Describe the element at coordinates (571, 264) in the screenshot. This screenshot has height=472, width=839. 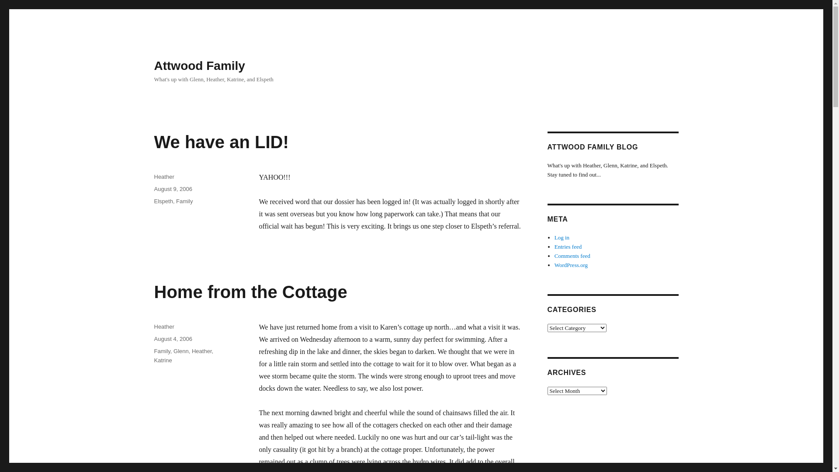
I see `'WordPress.org'` at that location.